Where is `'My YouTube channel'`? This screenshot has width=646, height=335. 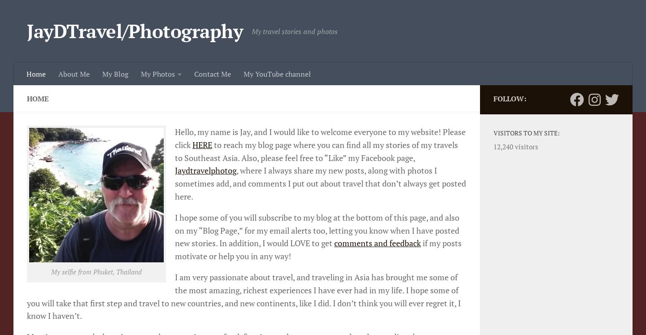 'My YouTube channel' is located at coordinates (277, 74).